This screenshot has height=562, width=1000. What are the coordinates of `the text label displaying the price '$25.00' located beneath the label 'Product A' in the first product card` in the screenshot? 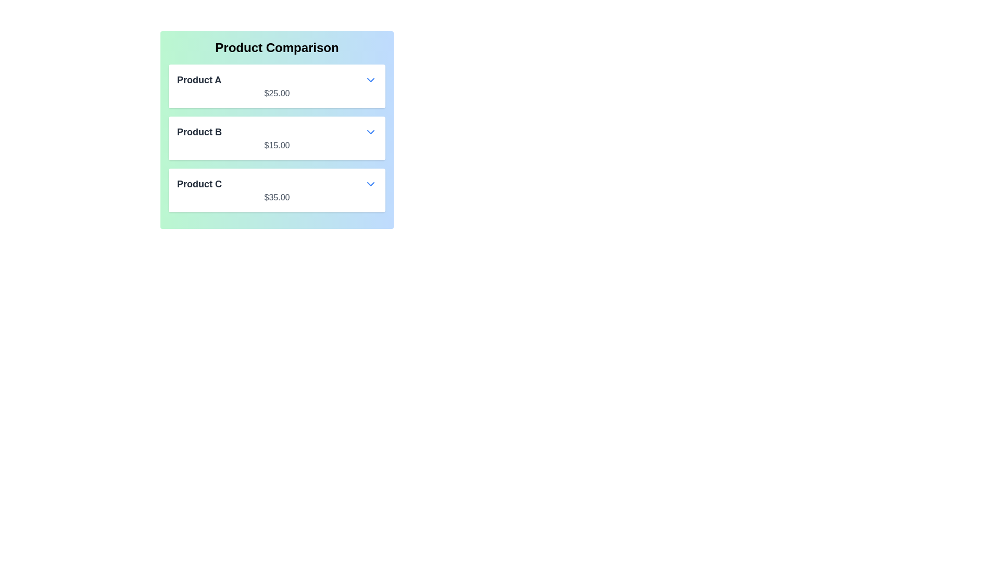 It's located at (277, 94).